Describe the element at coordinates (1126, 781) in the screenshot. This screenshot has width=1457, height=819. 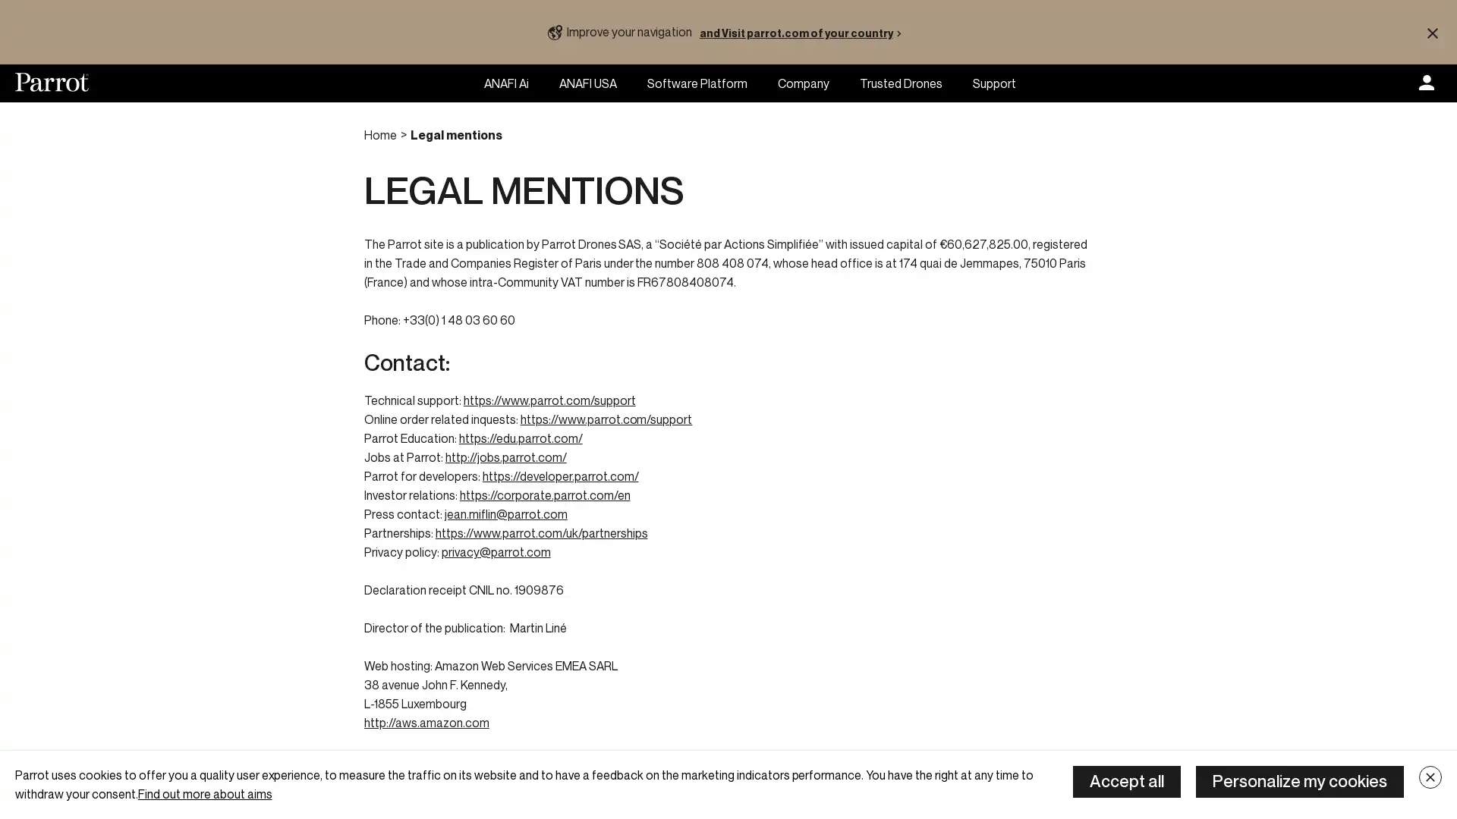
I see `Accept all` at that location.